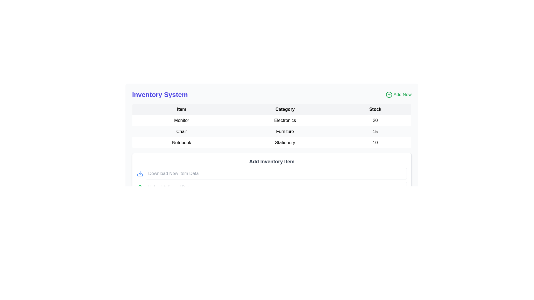 Image resolution: width=534 pixels, height=300 pixels. I want to click on the green button with a circular plus icon located in the top-right corner of the 'Inventory System' to trigger a tooltip or highlight effect, so click(398, 94).